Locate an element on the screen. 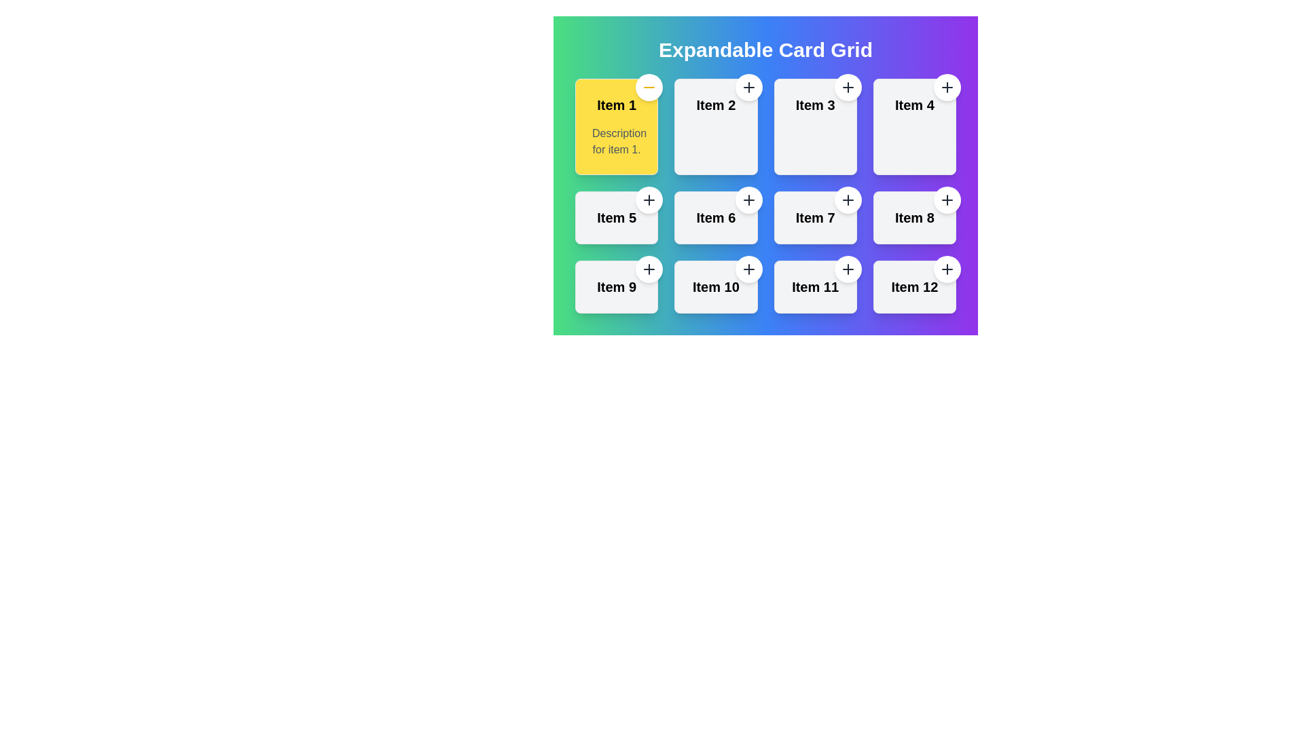 The height and width of the screenshot is (733, 1304). the displayed text 'Item 12' in the bold, large font size located at the center of the twelfth card in a 4x3 grid layout is located at coordinates (914, 286).